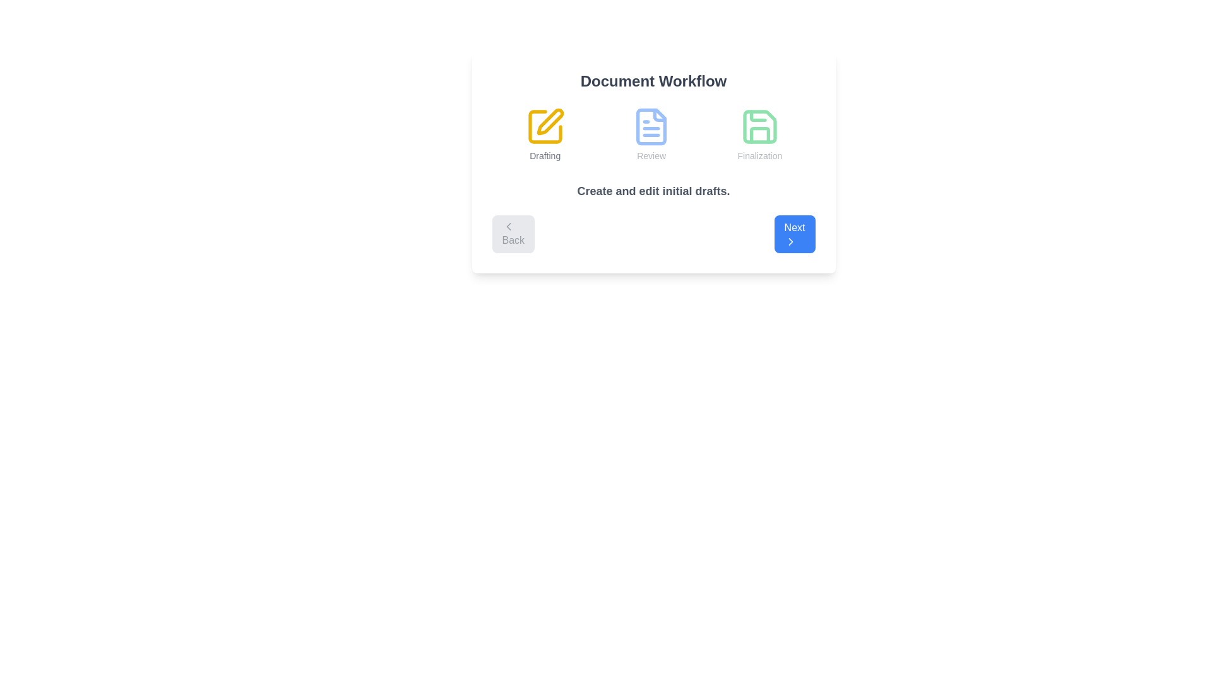 This screenshot has width=1212, height=682. I want to click on the chevron icon representing navigation direction located inside the 'Next' button at the bottom-right corner of the interface, so click(790, 241).